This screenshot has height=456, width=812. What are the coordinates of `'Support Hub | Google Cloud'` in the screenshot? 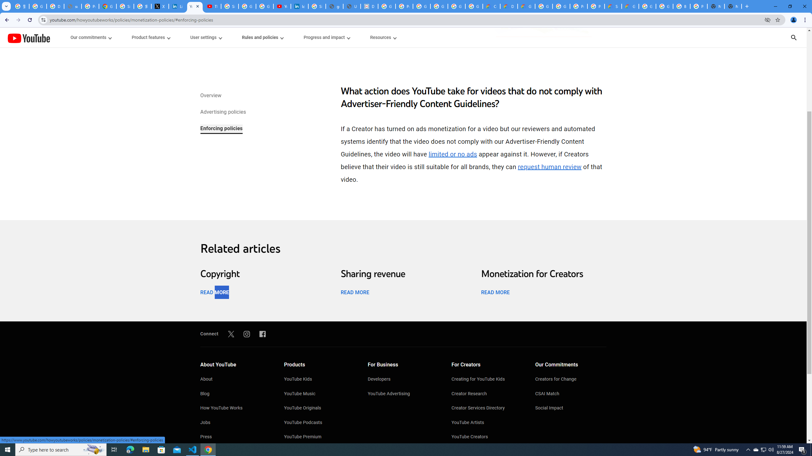 It's located at (613, 6).